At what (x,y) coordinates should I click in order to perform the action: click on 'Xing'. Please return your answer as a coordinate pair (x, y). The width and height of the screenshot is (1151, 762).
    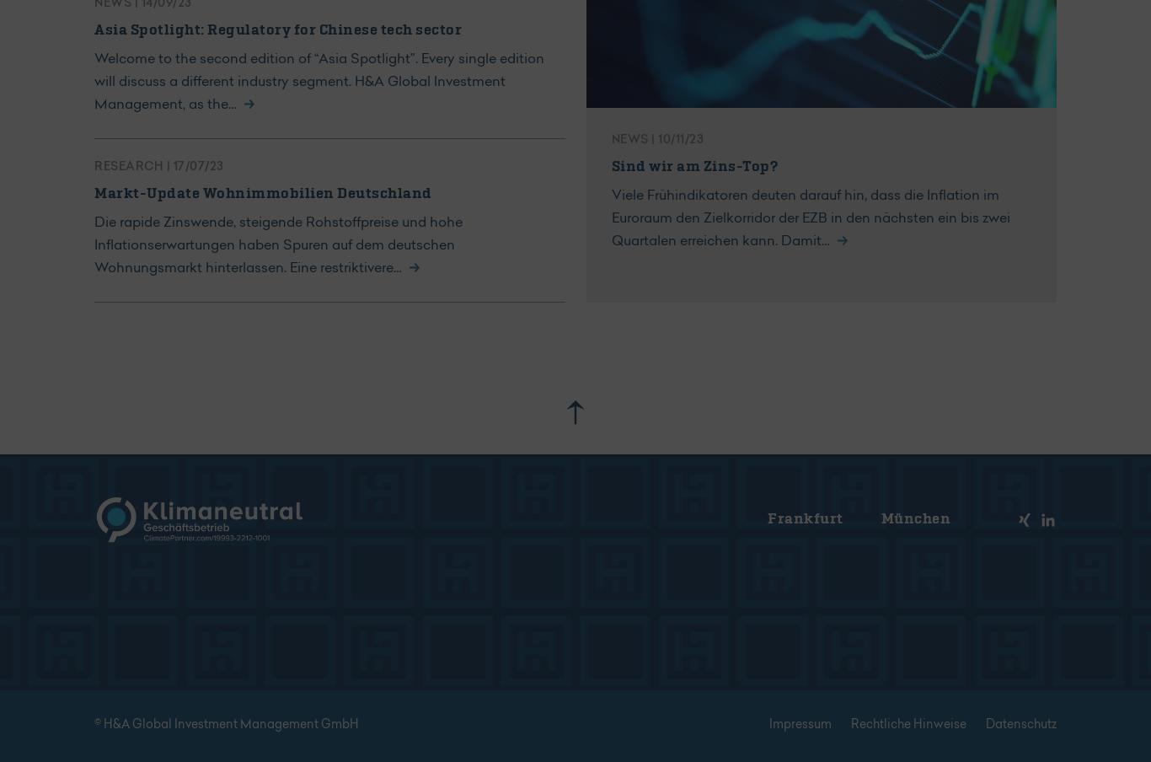
    Looking at the image, I should click on (1047, 518).